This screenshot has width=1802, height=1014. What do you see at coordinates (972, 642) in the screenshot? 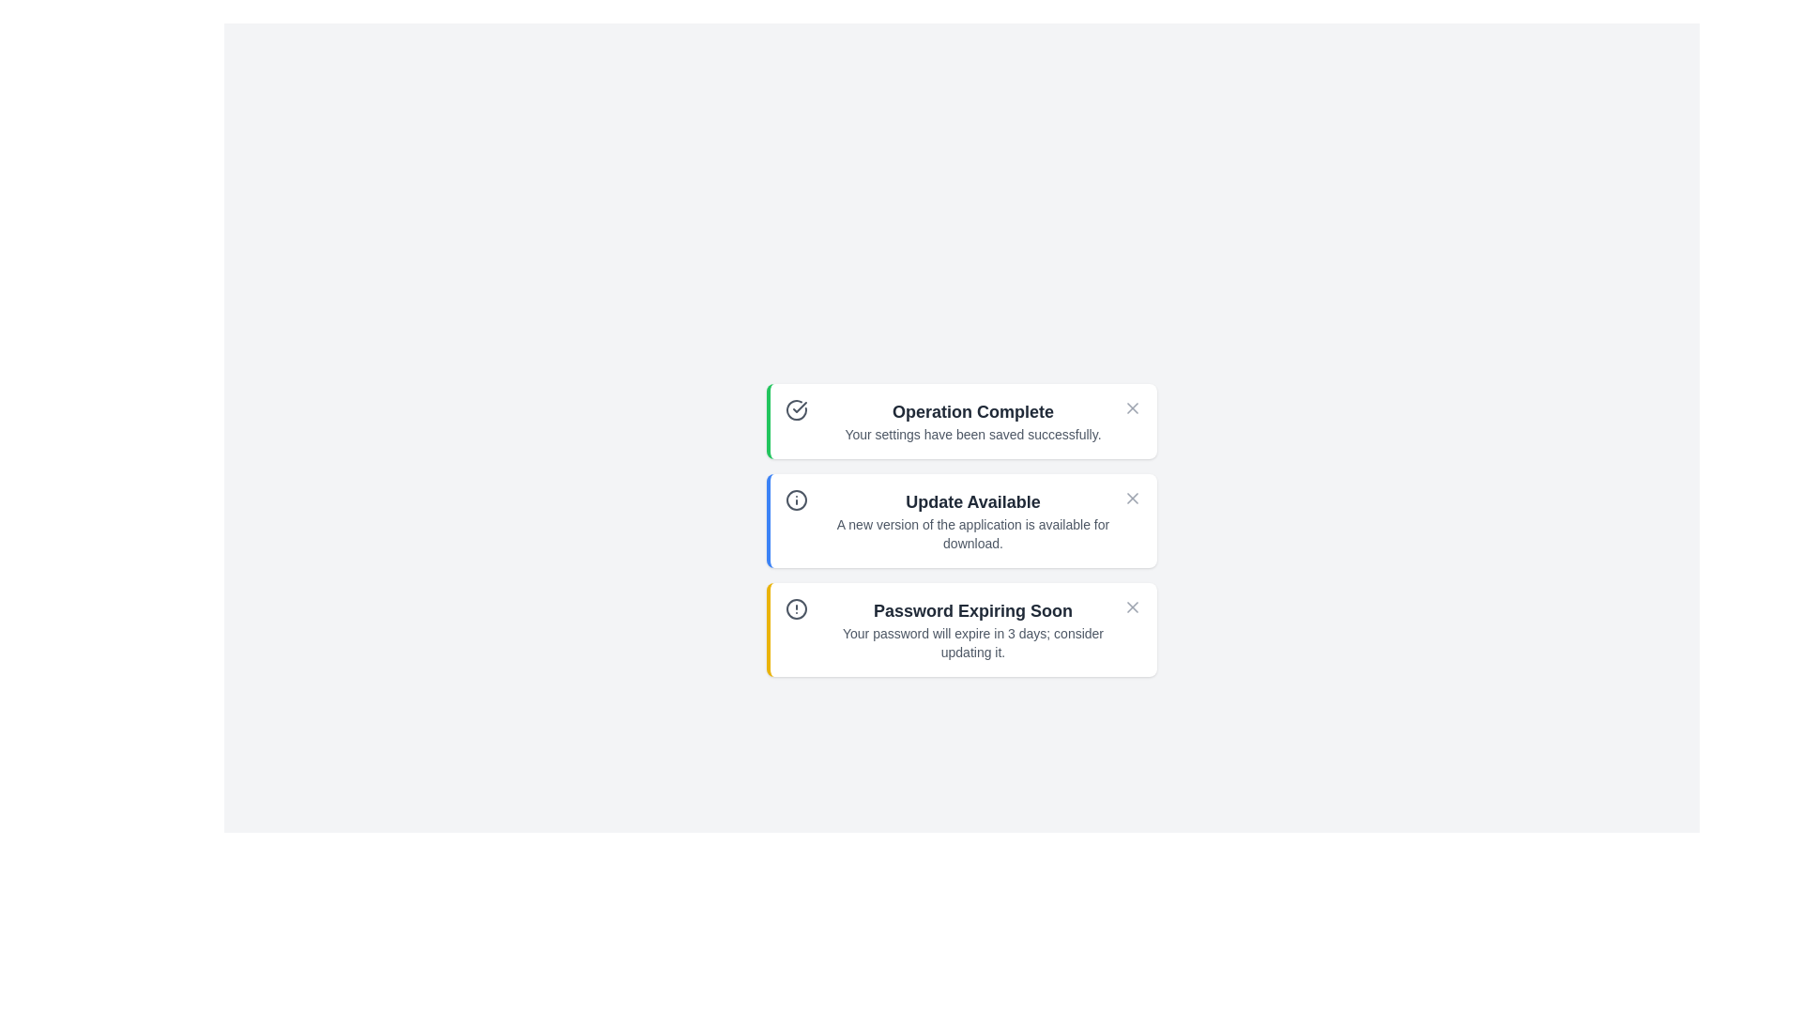
I see `the text component displaying the message: 'Your password will expire in 3 days; consider updating it.' which is styled in small gray font and positioned below the 'Password Expiring Soon' text` at bounding box center [972, 642].